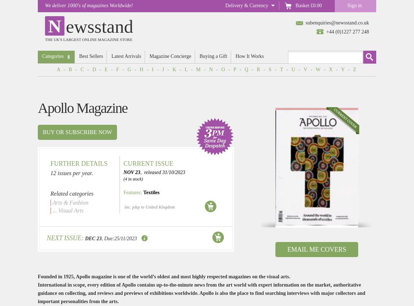 This screenshot has width=414, height=306. I want to click on 'Founded in 1925, Apollo magazine is one of the world’s oldest and most highly respected magazines on the visual arts.', so click(164, 277).